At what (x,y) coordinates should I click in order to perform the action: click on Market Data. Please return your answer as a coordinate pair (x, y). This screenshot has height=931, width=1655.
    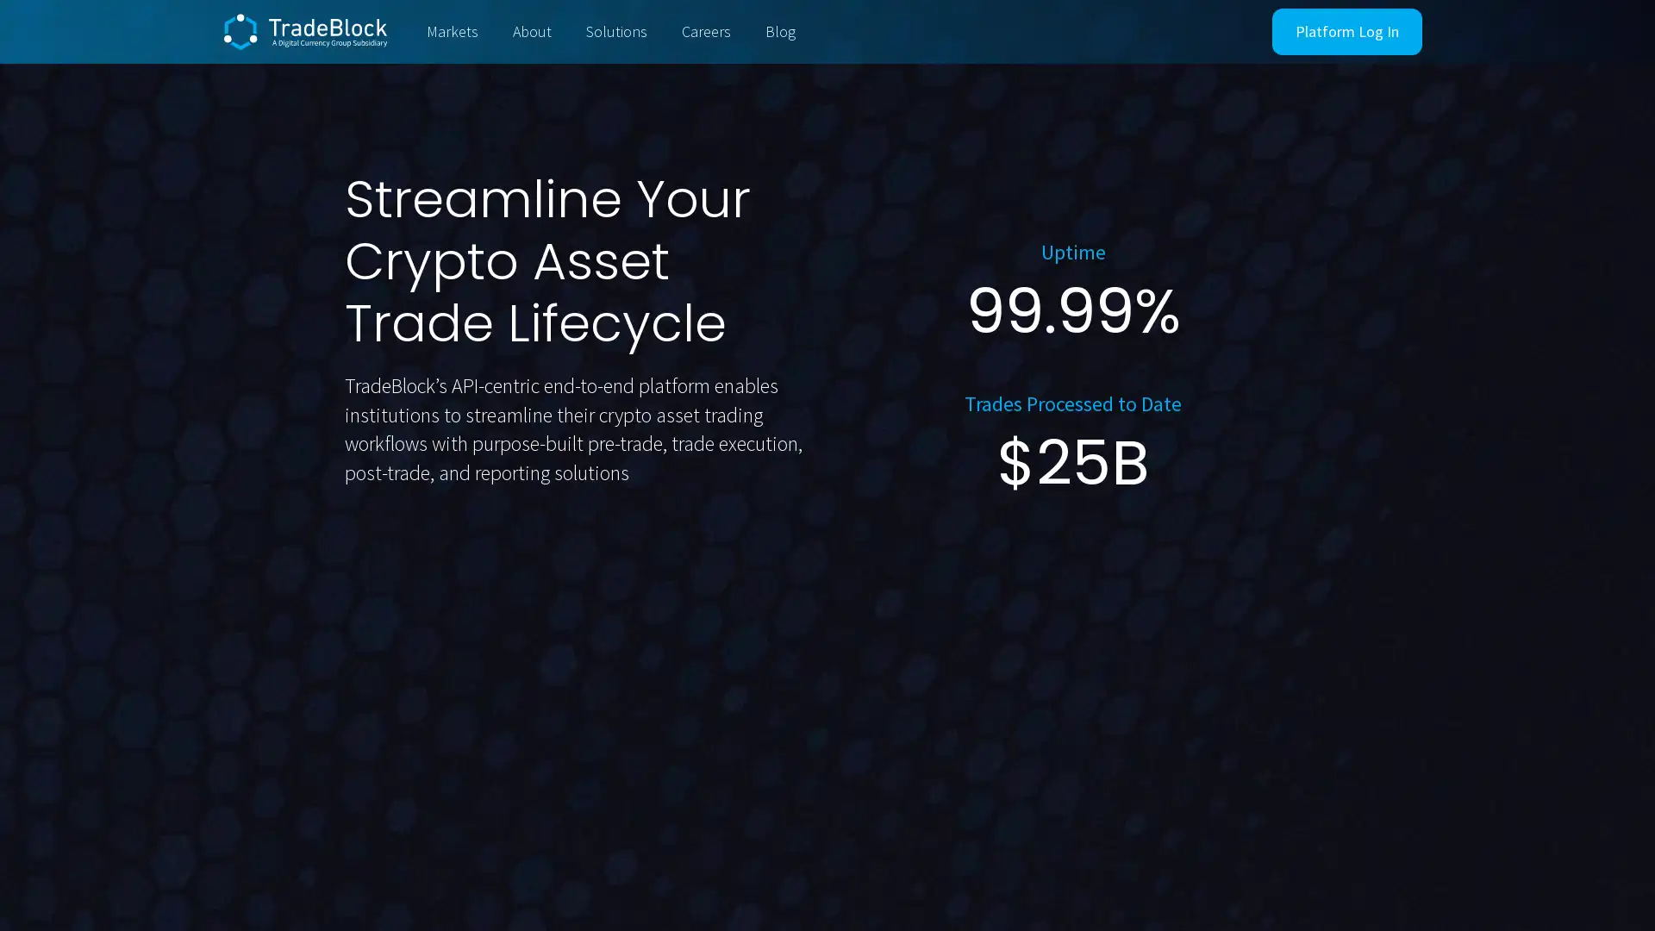
    Looking at the image, I should click on (604, 569).